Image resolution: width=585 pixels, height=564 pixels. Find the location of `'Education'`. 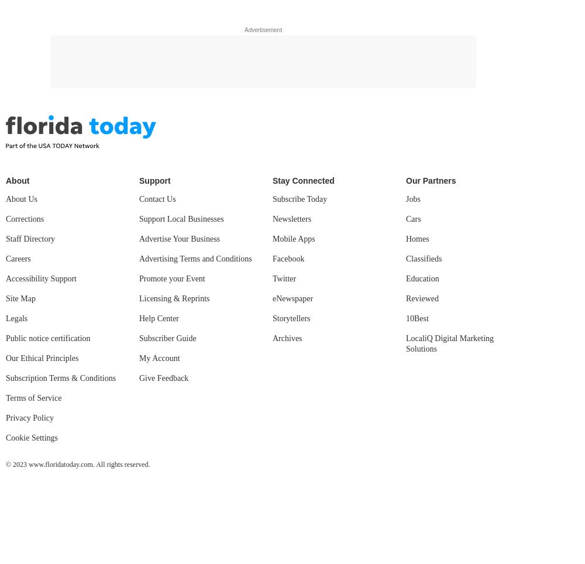

'Education' is located at coordinates (405, 278).